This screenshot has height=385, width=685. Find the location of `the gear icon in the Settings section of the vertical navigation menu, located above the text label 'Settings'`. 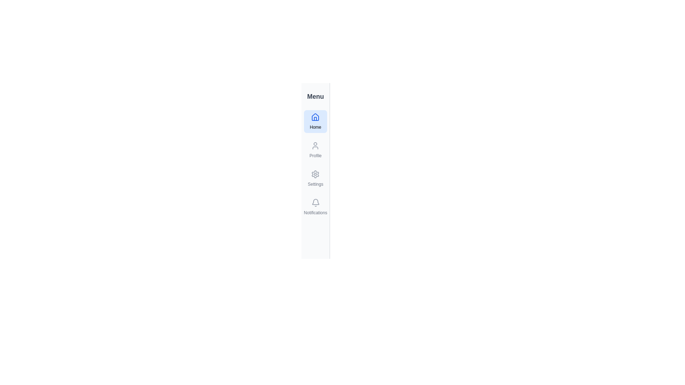

the gear icon in the Settings section of the vertical navigation menu, located above the text label 'Settings' is located at coordinates (315, 174).